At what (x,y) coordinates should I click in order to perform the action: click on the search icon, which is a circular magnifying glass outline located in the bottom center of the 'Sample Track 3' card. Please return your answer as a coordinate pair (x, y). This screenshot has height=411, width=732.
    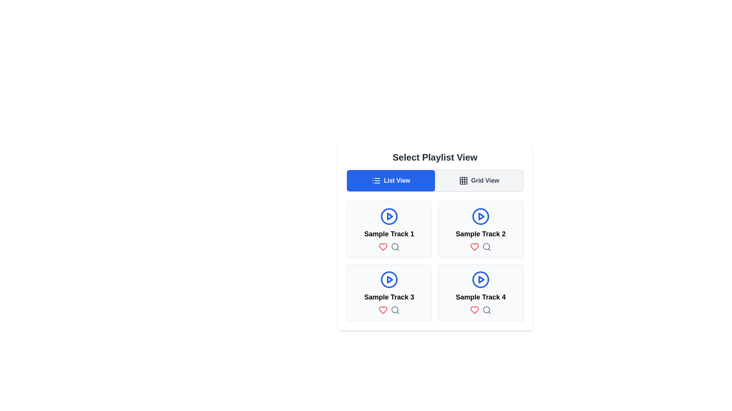
    Looking at the image, I should click on (395, 310).